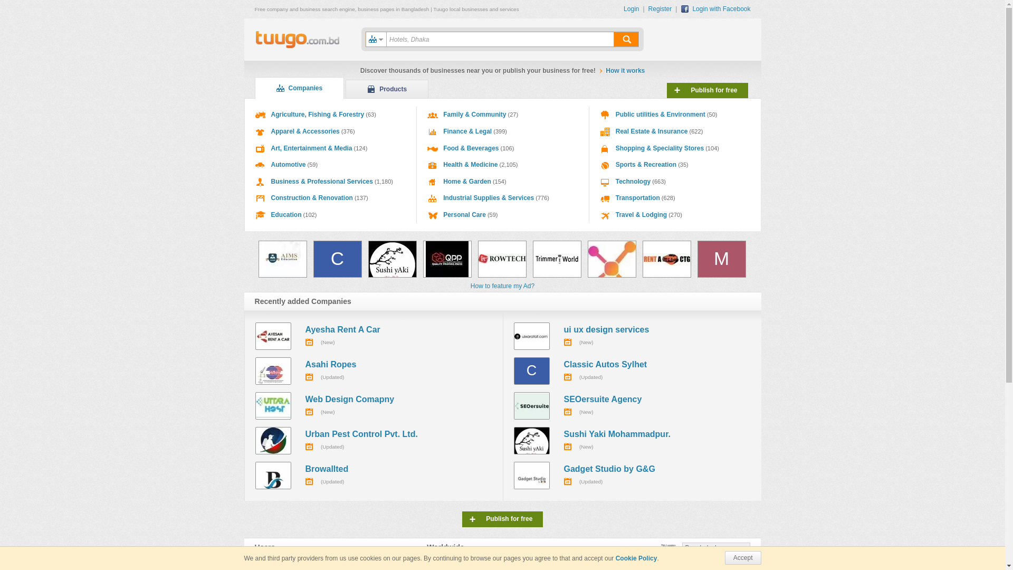 The width and height of the screenshot is (1013, 570). Describe the element at coordinates (345, 89) in the screenshot. I see `'Products'` at that location.